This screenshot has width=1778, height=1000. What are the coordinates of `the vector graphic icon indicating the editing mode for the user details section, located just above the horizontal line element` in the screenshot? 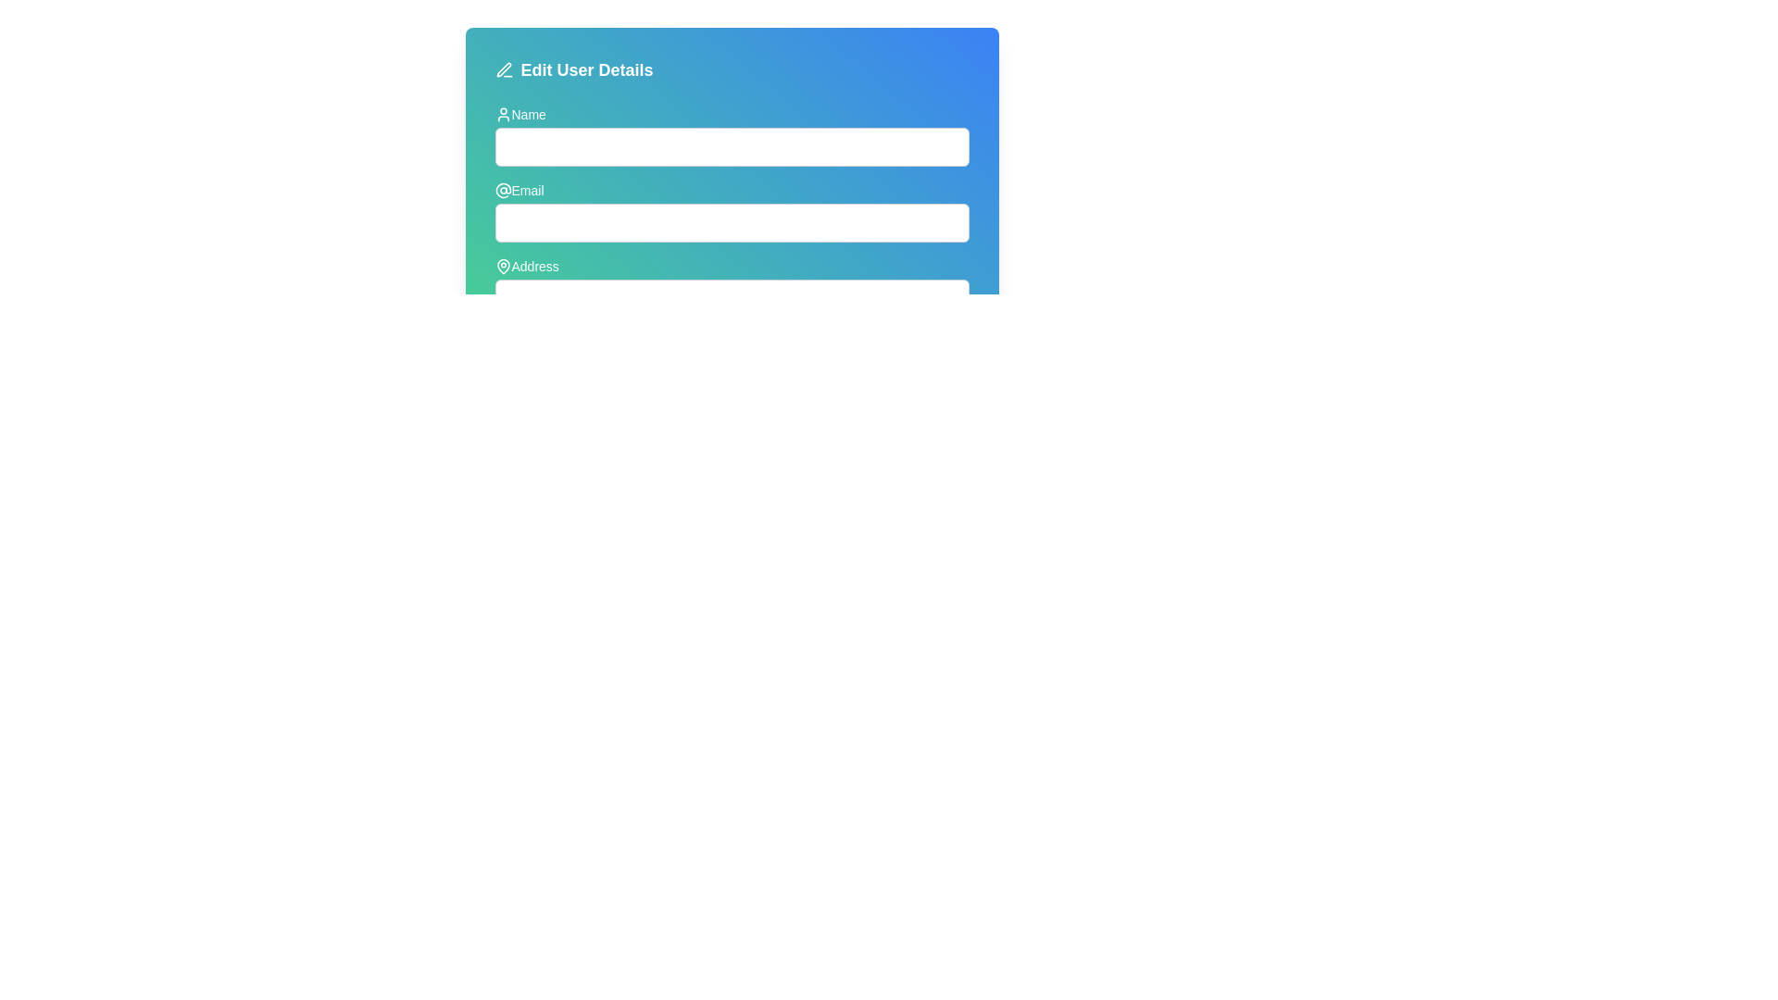 It's located at (504, 69).